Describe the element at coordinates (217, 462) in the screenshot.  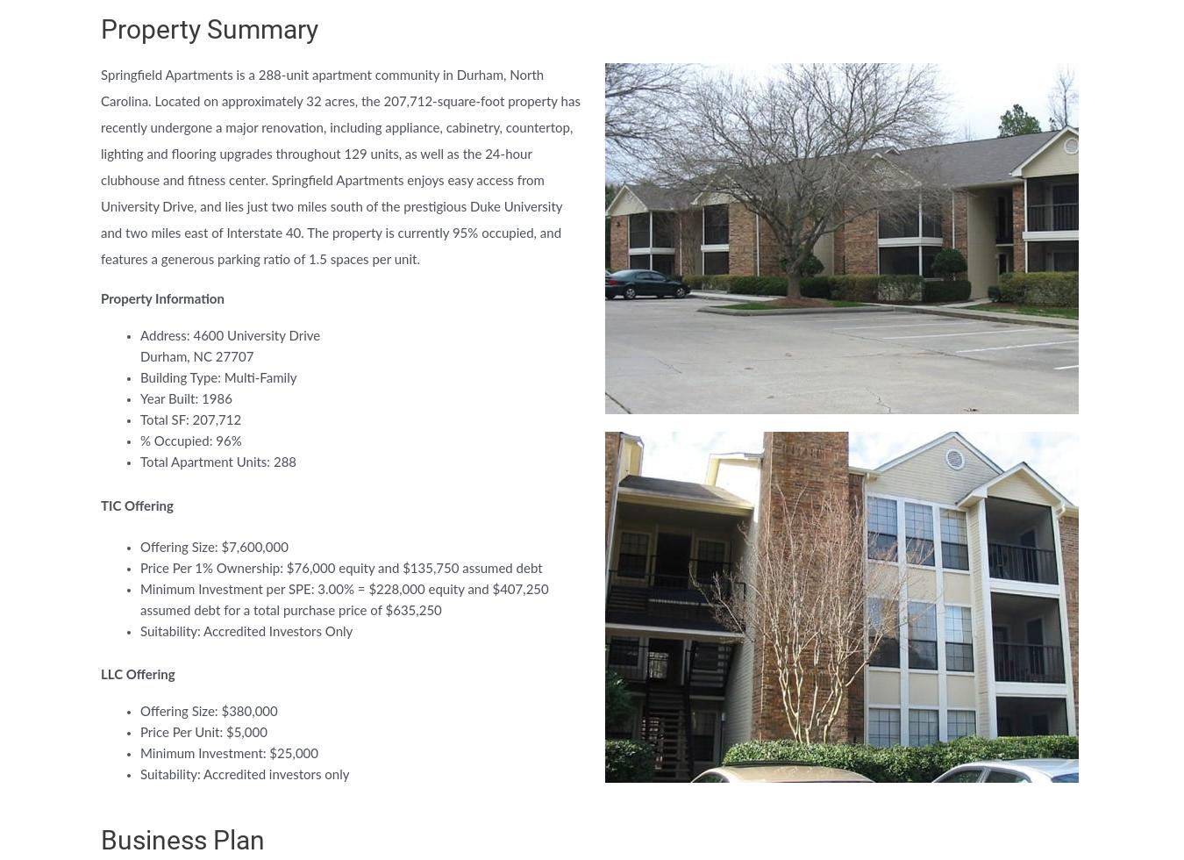
I see `'Total Apartment Units: 288'` at that location.